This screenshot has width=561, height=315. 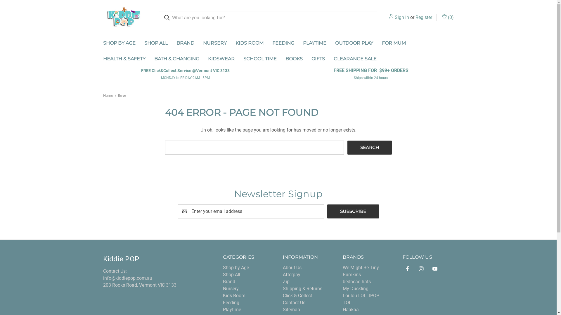 I want to click on 'OUTDOOR PLAY', so click(x=354, y=43).